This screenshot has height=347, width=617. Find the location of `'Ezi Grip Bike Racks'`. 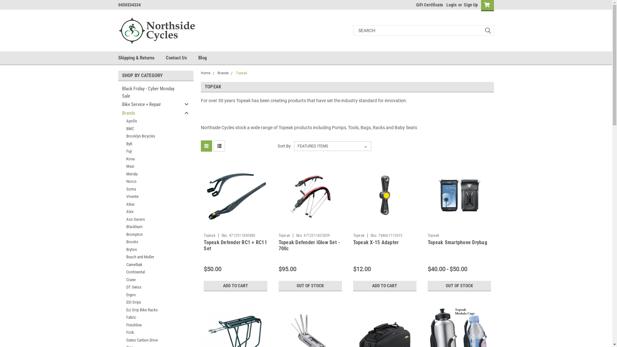

'Ezi Grip Bike Racks' is located at coordinates (150, 309).